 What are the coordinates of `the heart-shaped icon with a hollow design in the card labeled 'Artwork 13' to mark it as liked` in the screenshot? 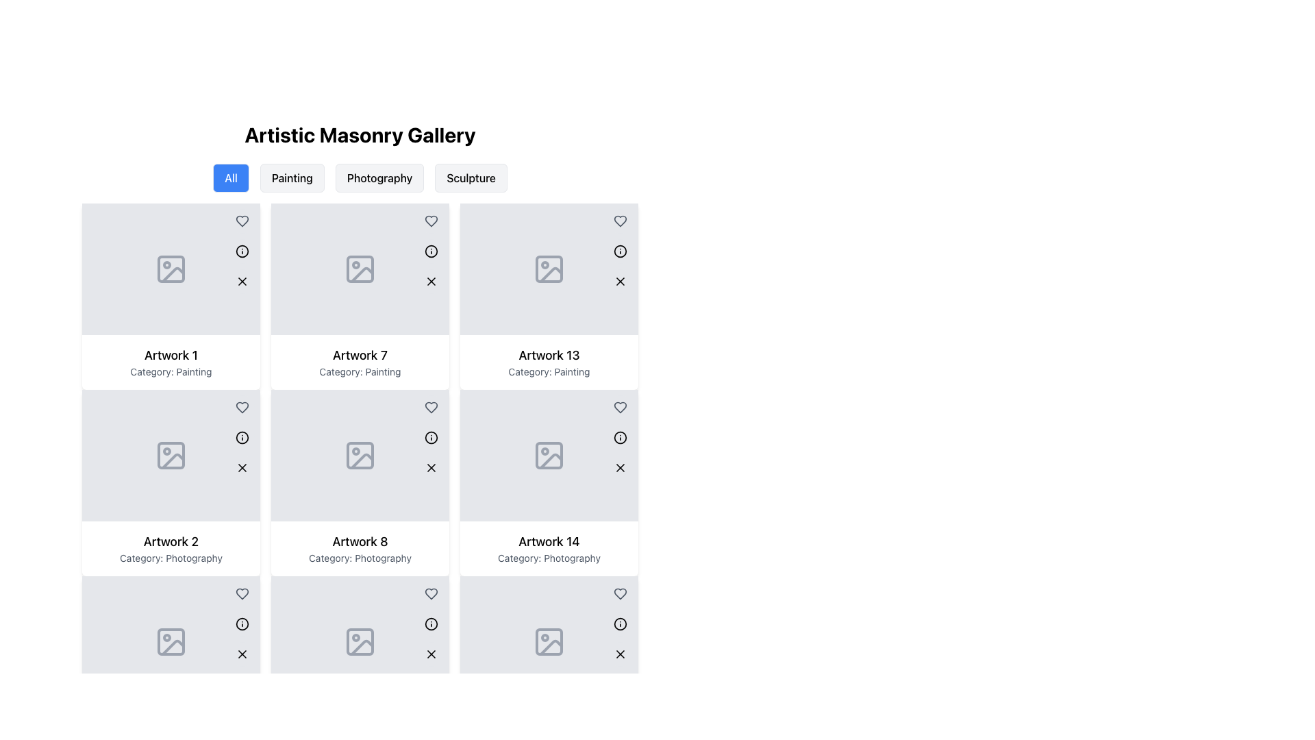 It's located at (620, 406).